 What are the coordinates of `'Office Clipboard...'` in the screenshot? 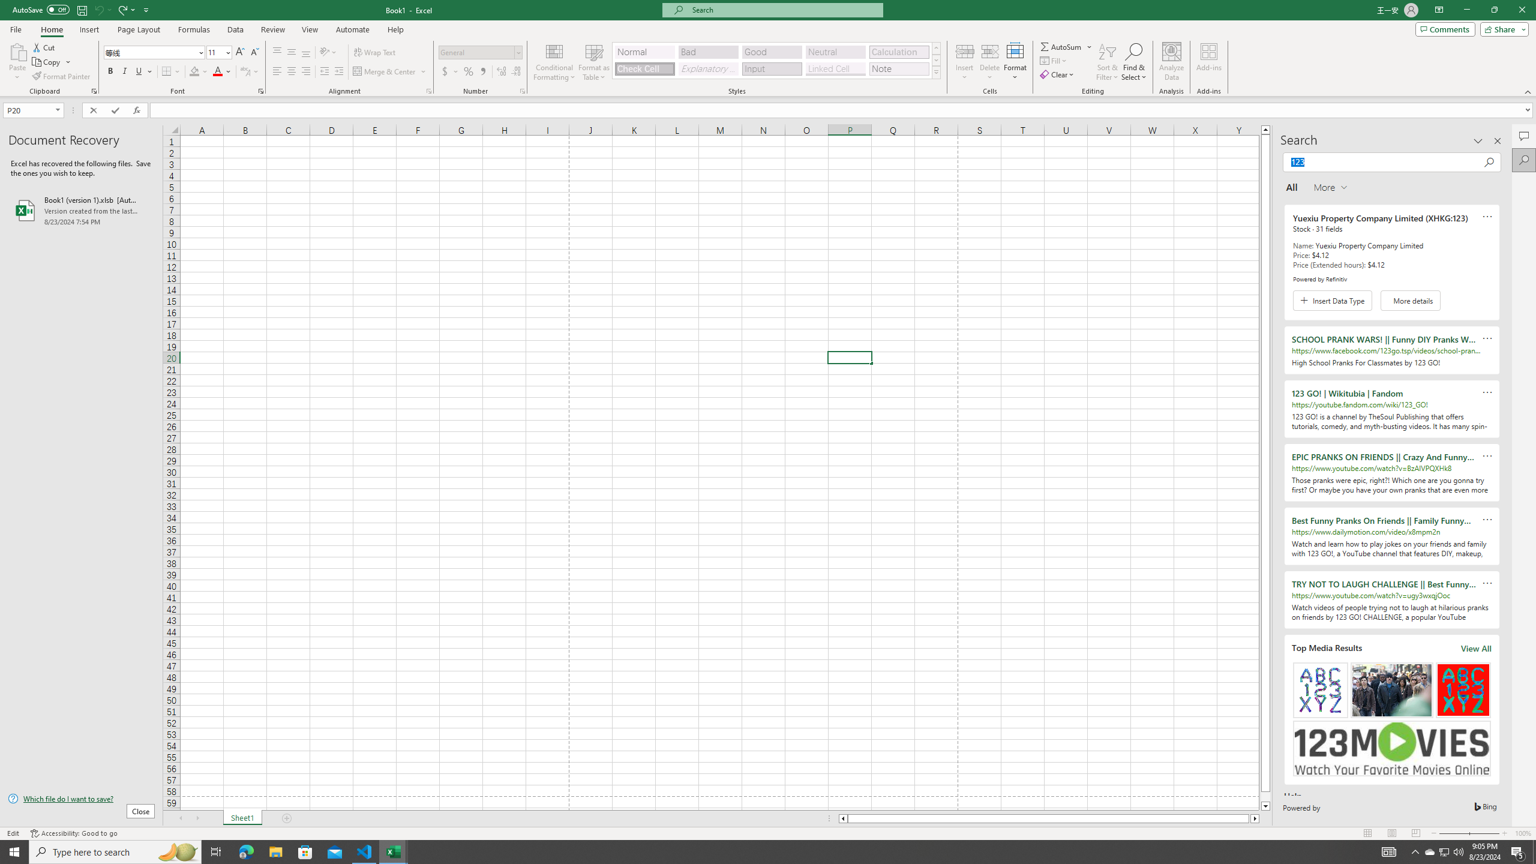 It's located at (93, 90).